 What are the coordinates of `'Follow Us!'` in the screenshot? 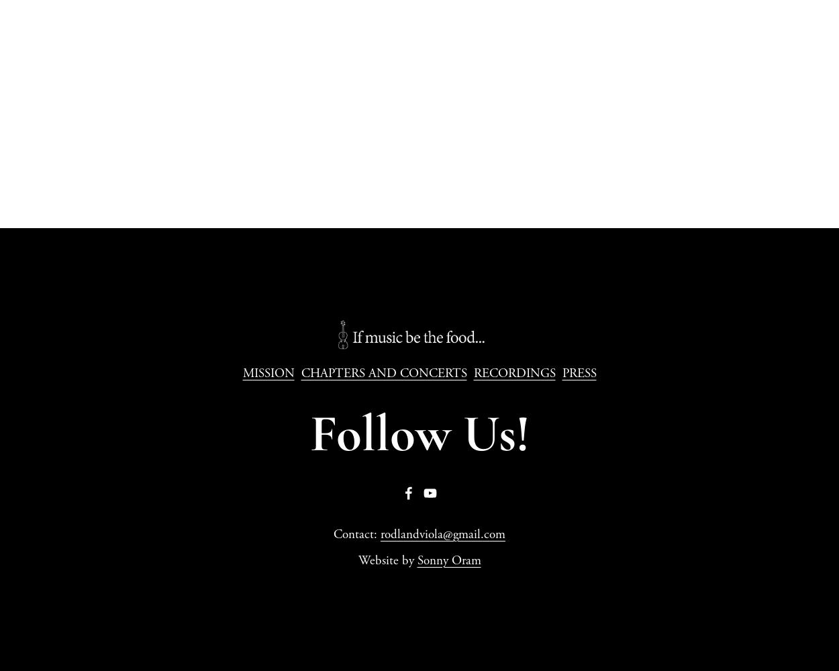 It's located at (418, 433).